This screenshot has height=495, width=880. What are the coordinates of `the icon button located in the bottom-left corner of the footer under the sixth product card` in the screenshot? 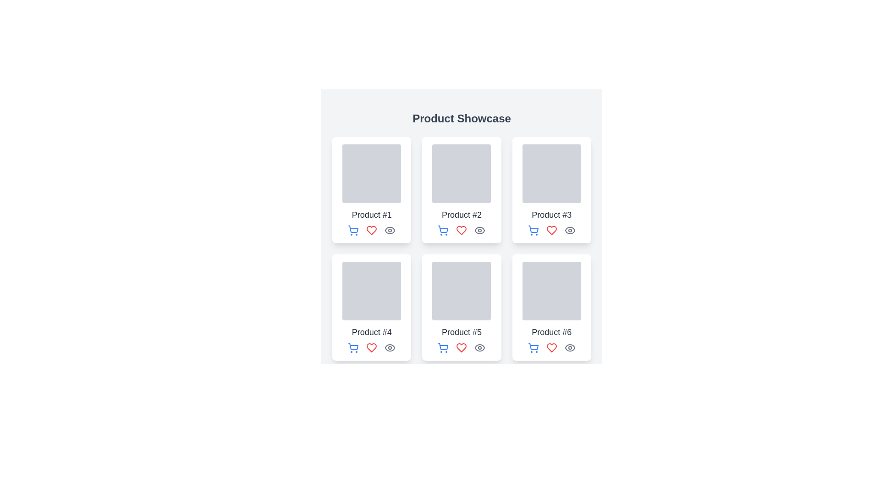 It's located at (533, 348).